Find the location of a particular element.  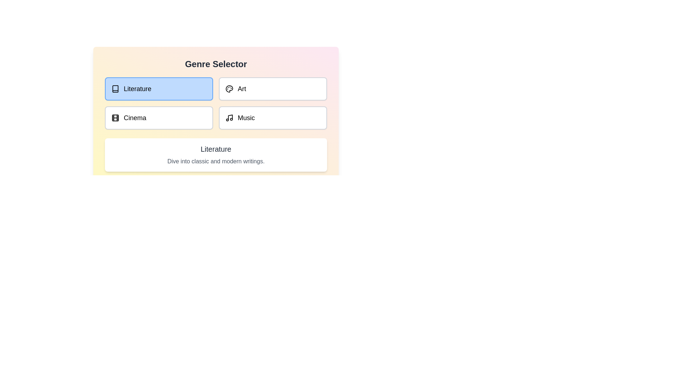

the 'Music' label text element is located at coordinates (246, 117).